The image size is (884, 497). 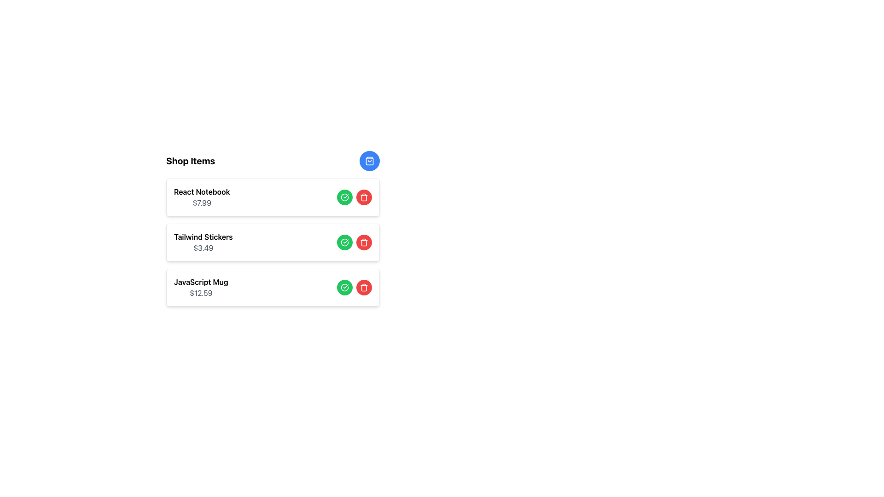 What do you see at coordinates (344, 287) in the screenshot?
I see `the circular green icon with a white check mark located to the right of the 'JavaScript Mug' item` at bounding box center [344, 287].